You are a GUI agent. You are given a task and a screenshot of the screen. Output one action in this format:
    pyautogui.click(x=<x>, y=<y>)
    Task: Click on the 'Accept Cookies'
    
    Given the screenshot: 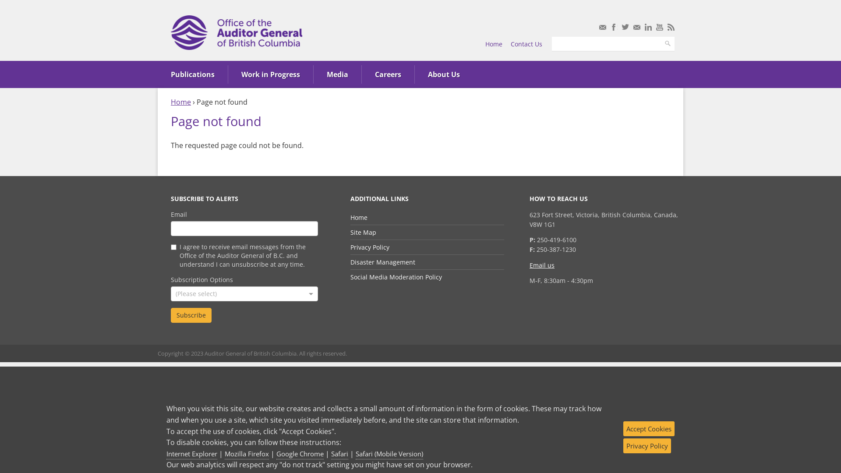 What is the action you would take?
    pyautogui.click(x=649, y=428)
    